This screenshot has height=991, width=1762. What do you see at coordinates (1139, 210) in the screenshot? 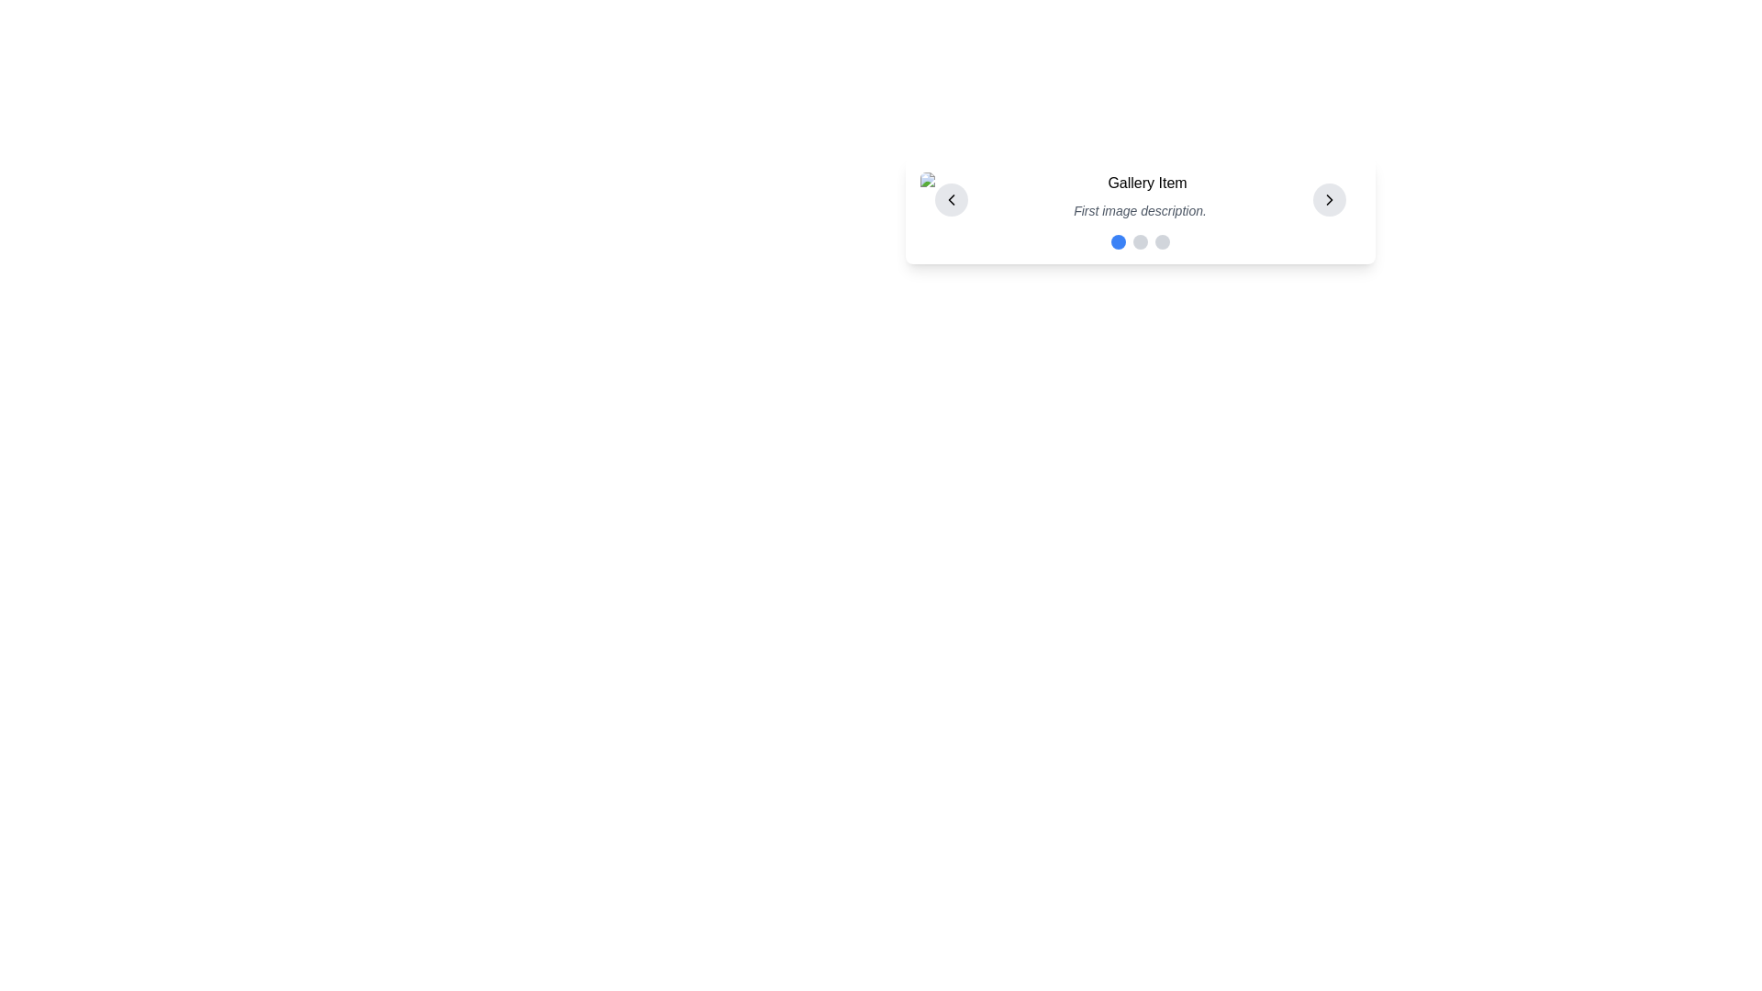
I see `the static text label that provides a descriptive caption for the gallery item, located centrally below the 'Gallery Item' title and above the navigable indicator dots` at bounding box center [1139, 210].